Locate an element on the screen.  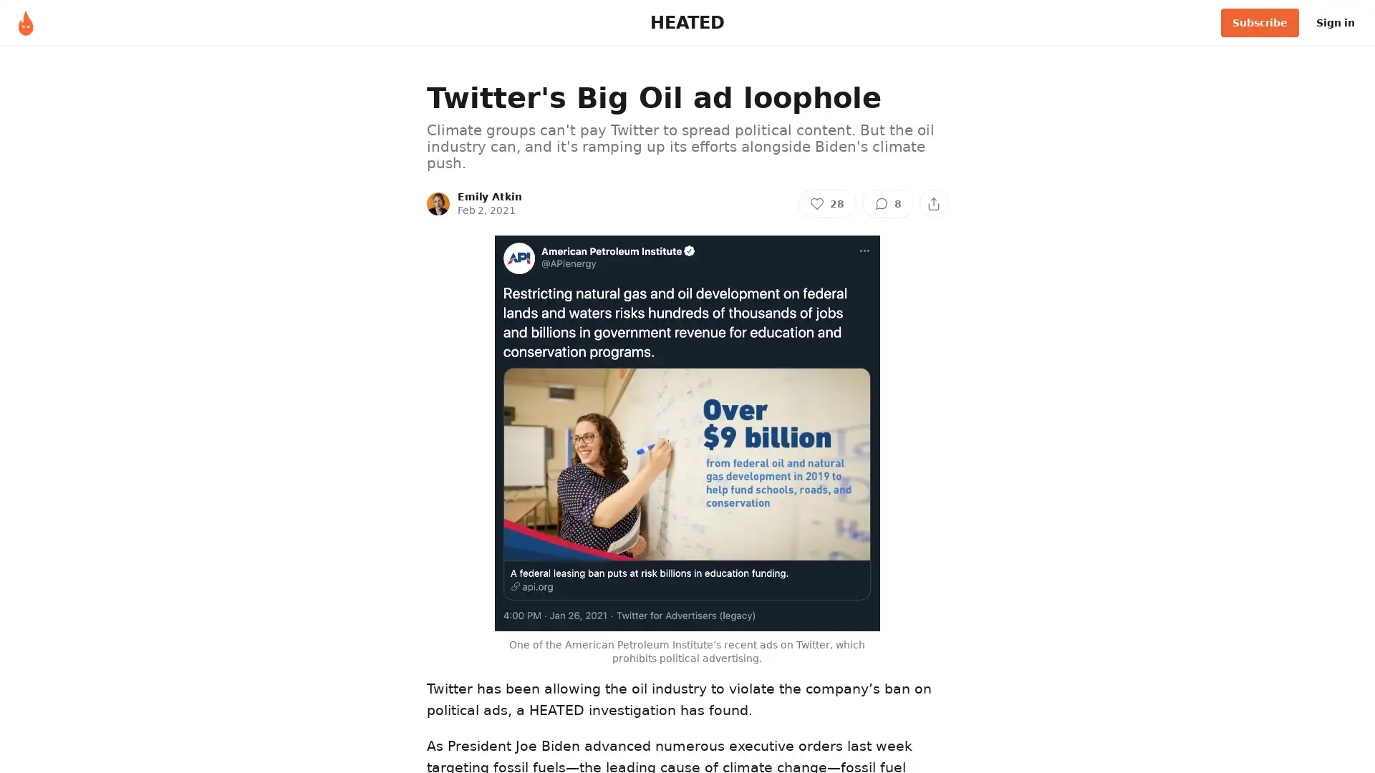
28 is located at coordinates (827, 203).